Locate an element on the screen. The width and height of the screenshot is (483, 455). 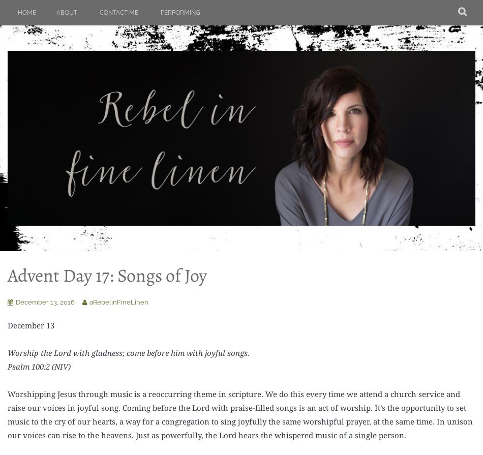
'Contact Me' is located at coordinates (99, 12).